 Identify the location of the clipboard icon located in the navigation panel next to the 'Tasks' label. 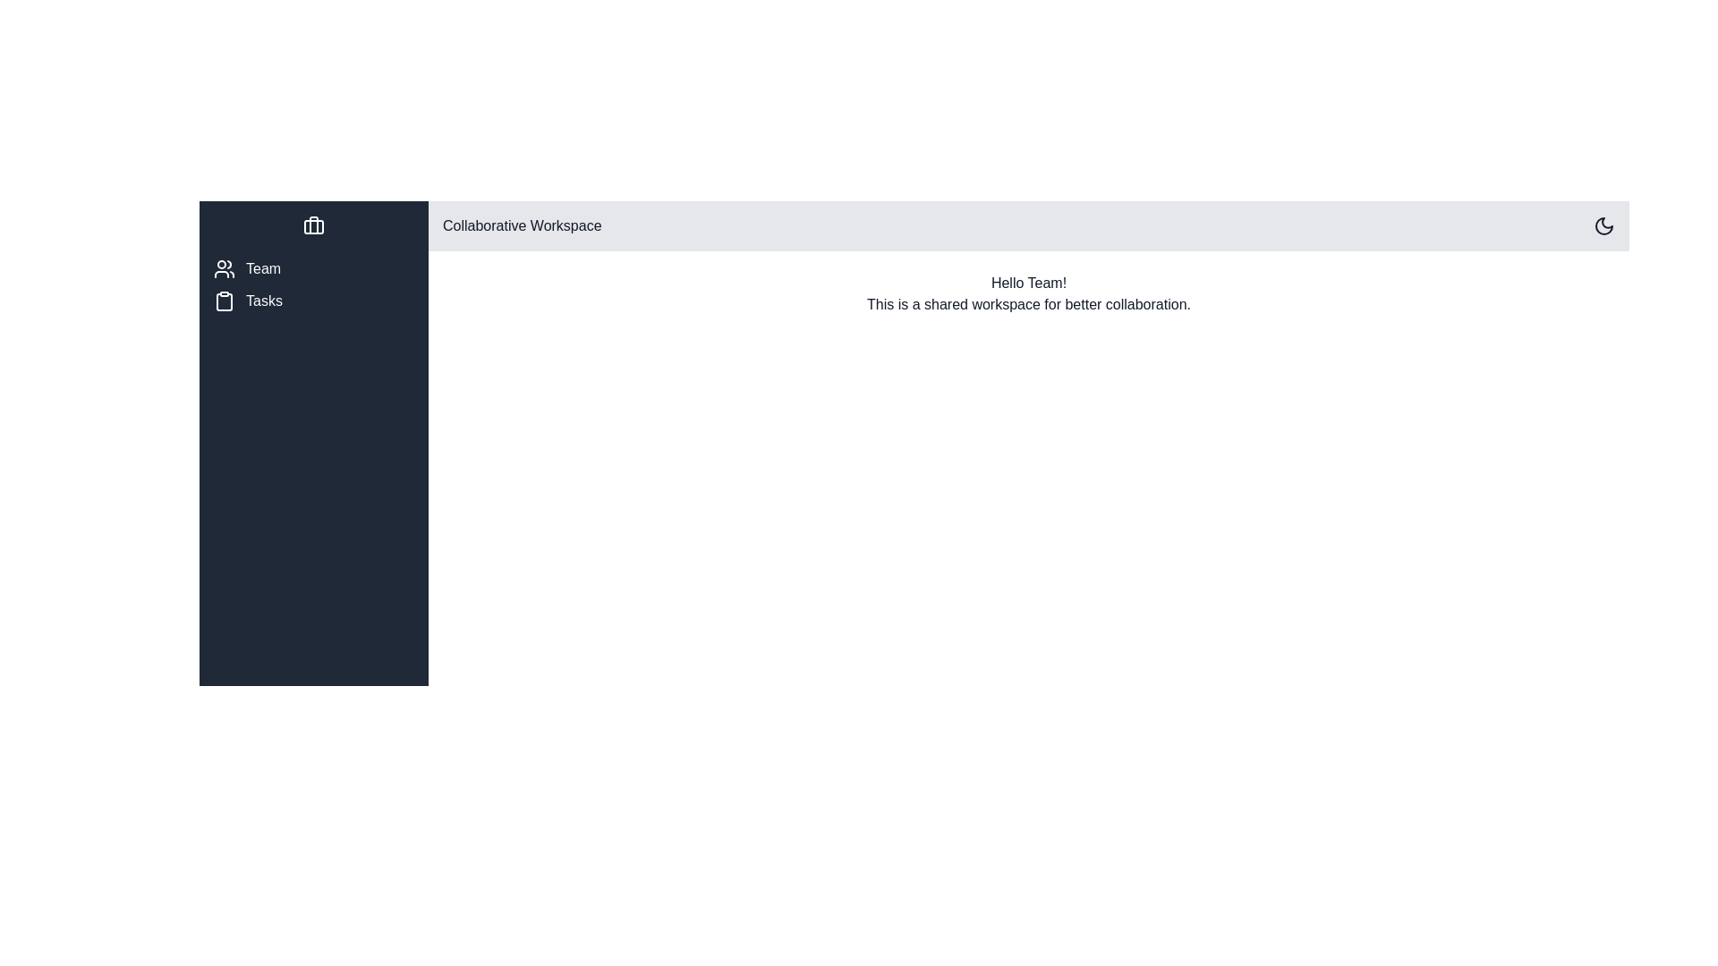
(223, 300).